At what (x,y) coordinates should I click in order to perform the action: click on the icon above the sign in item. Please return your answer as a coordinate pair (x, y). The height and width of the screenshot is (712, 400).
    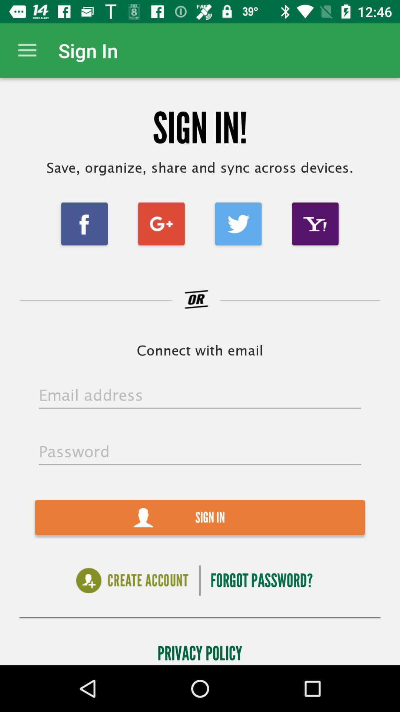
    Looking at the image, I should click on (200, 452).